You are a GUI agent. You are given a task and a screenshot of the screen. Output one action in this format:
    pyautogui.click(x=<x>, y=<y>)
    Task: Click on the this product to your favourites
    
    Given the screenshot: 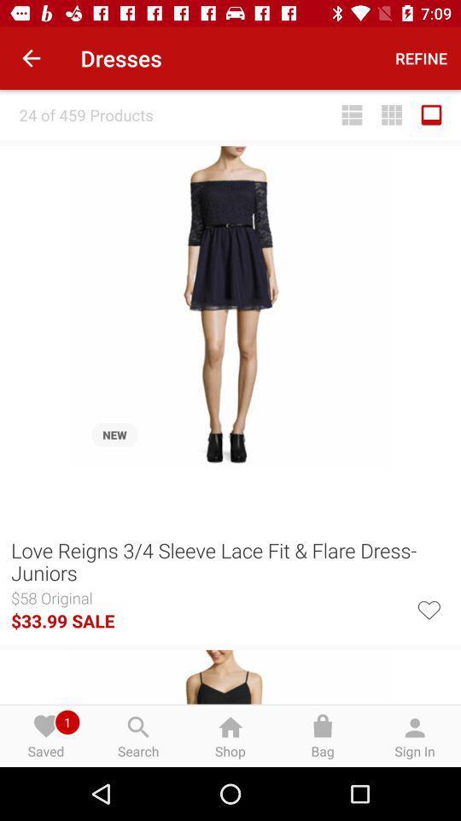 What is the action you would take?
    pyautogui.click(x=428, y=608)
    